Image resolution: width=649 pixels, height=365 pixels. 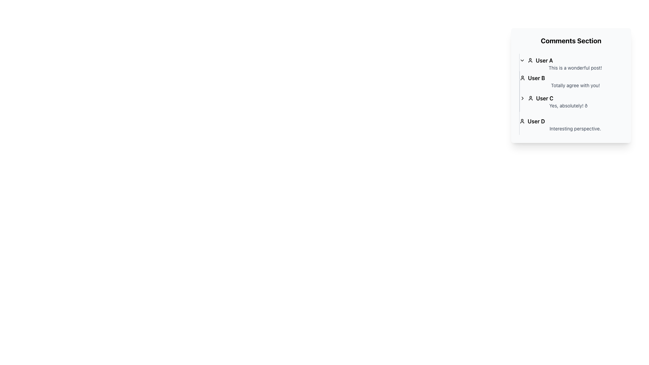 I want to click on the bold text label 'User A' located at the top of the comment section, so click(x=544, y=60).